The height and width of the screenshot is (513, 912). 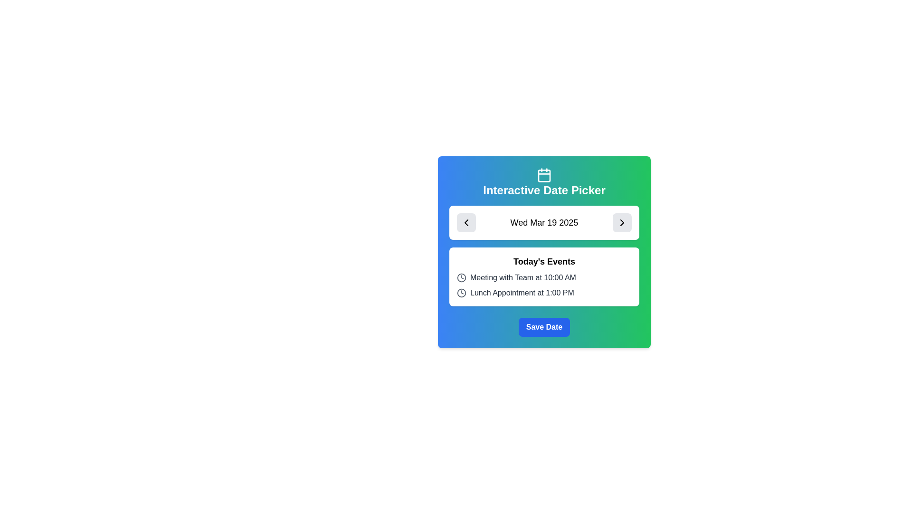 I want to click on the text label displaying 'Meeting with Team at 10:00 AM', which is styled in gray and located under the 'Today's Events' section, so click(x=522, y=278).